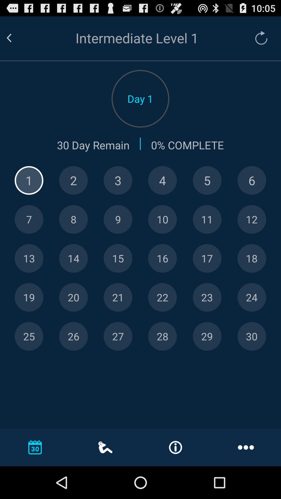 Image resolution: width=281 pixels, height=499 pixels. What do you see at coordinates (29, 219) in the screenshot?
I see `number 7` at bounding box center [29, 219].